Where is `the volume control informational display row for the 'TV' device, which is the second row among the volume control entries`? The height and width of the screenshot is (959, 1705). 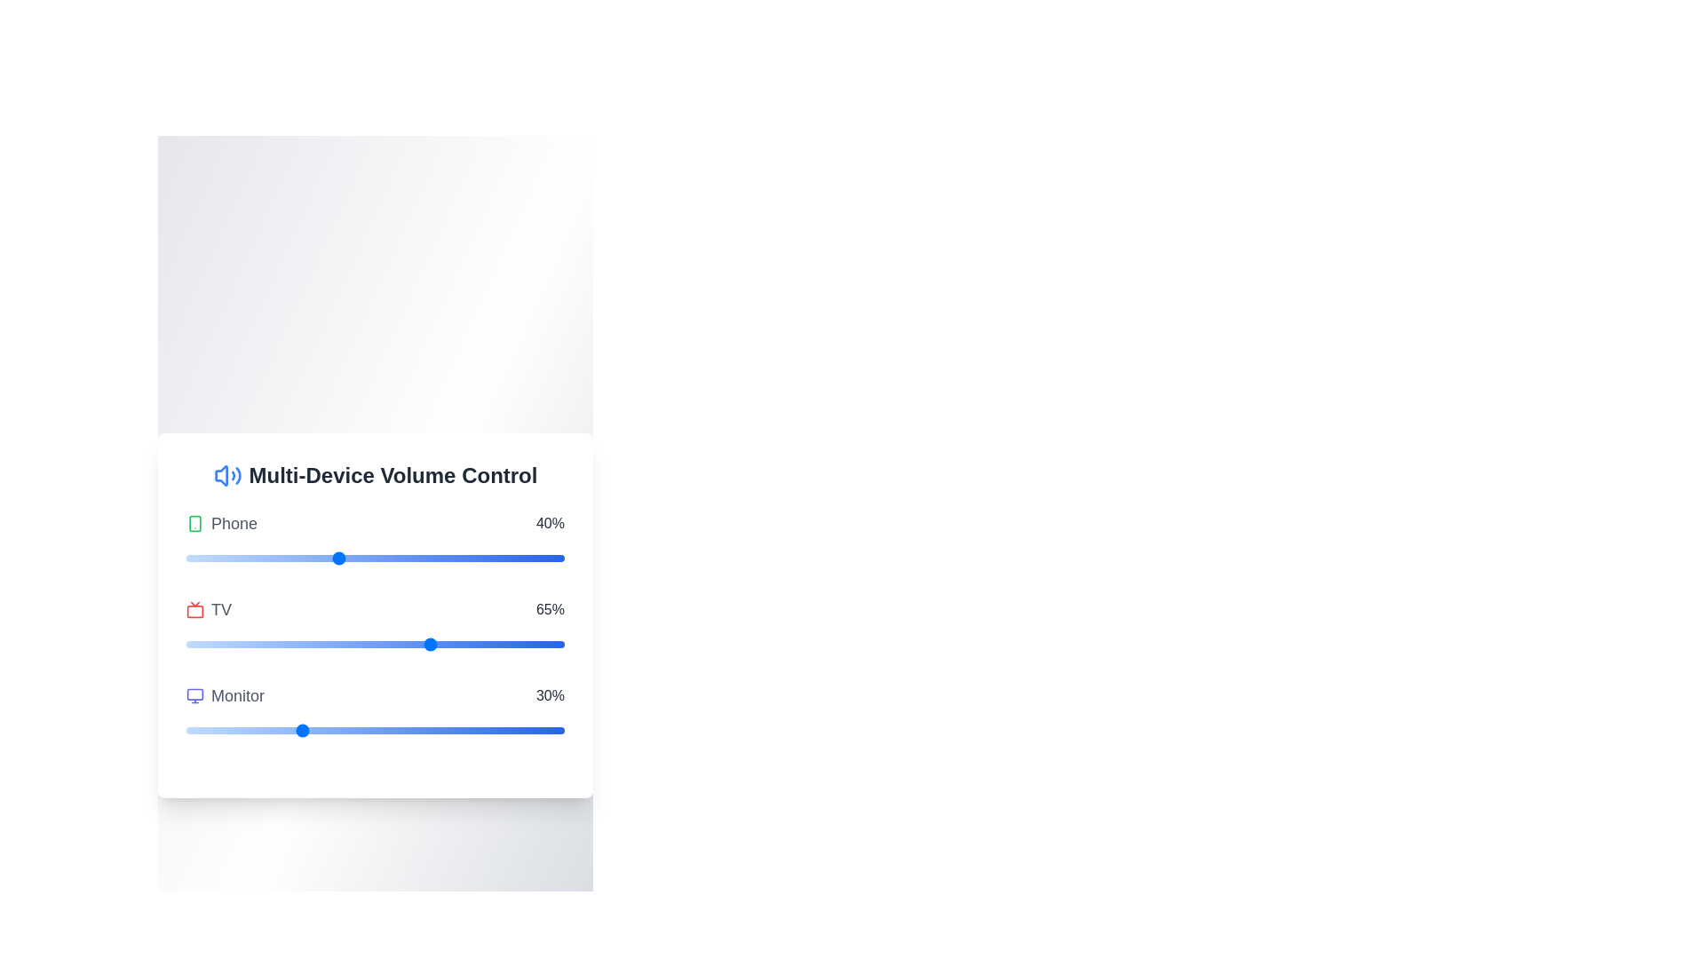
the volume control informational display row for the 'TV' device, which is the second row among the volume control entries is located at coordinates (374, 608).